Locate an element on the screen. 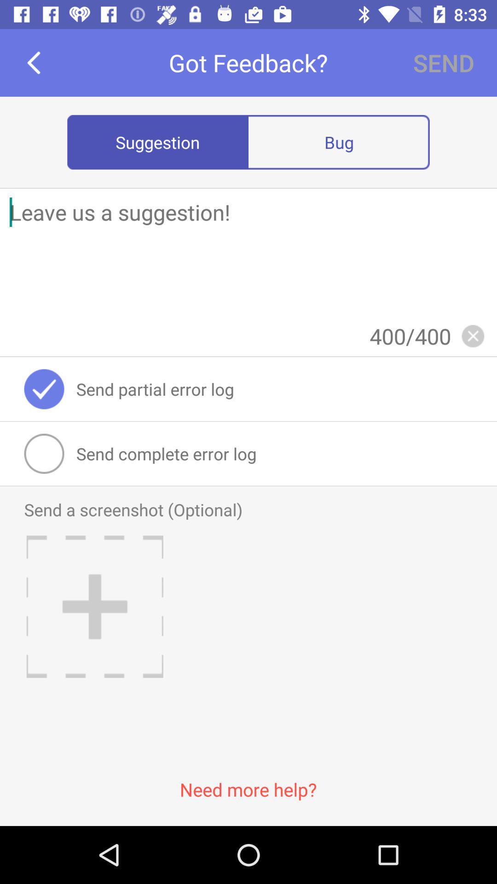  app to the left of send complete error icon is located at coordinates (44, 454).